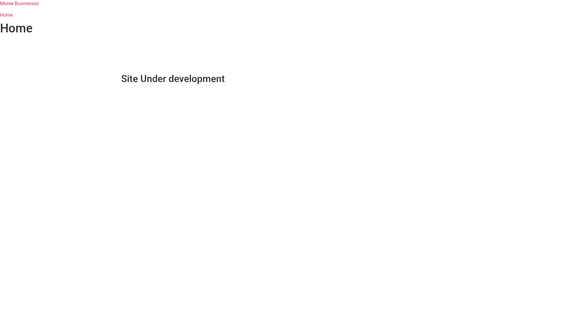 The width and height of the screenshot is (582, 327). What do you see at coordinates (0, 15) in the screenshot?
I see `'Home'` at bounding box center [0, 15].